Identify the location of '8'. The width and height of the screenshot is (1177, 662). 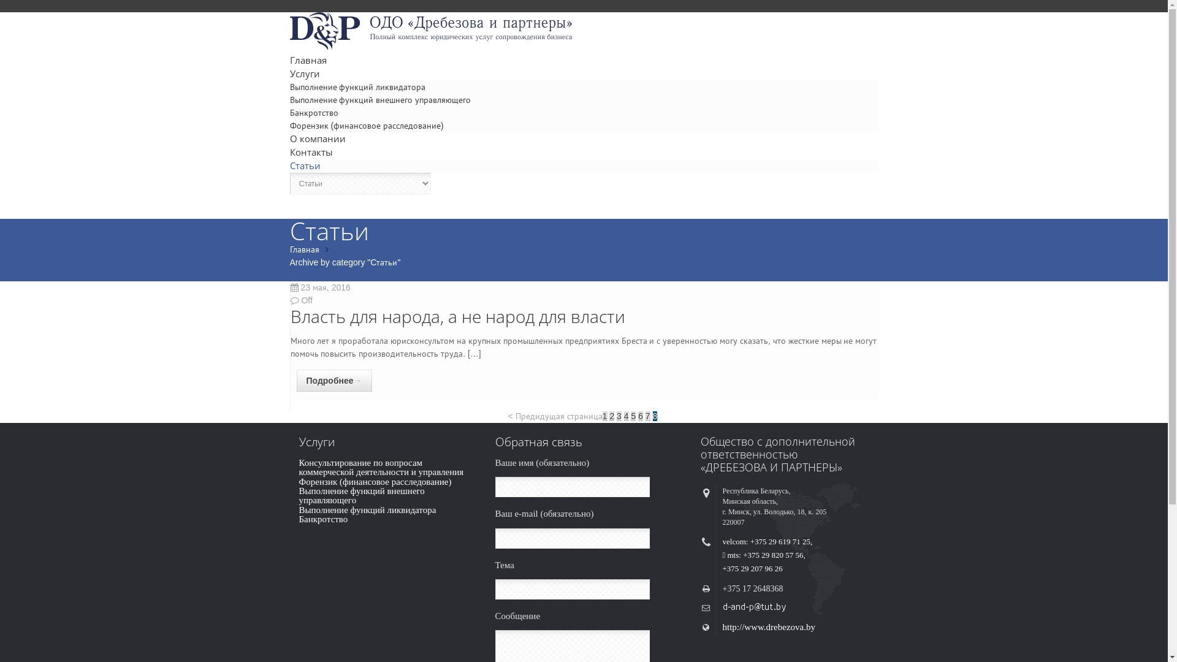
(652, 415).